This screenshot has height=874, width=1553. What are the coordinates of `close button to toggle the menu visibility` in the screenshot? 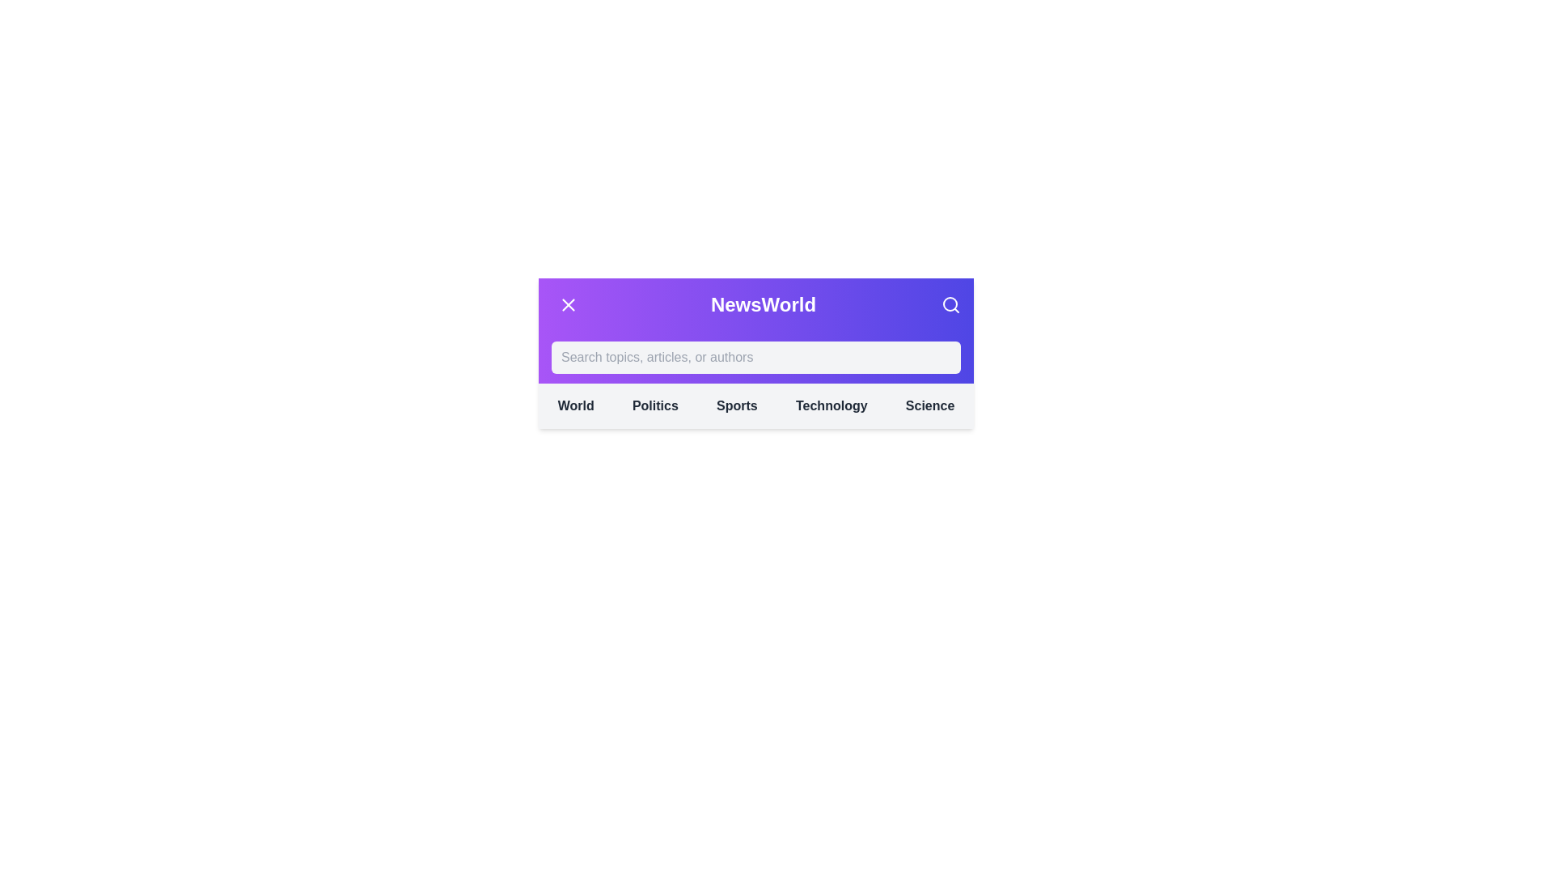 It's located at (568, 305).